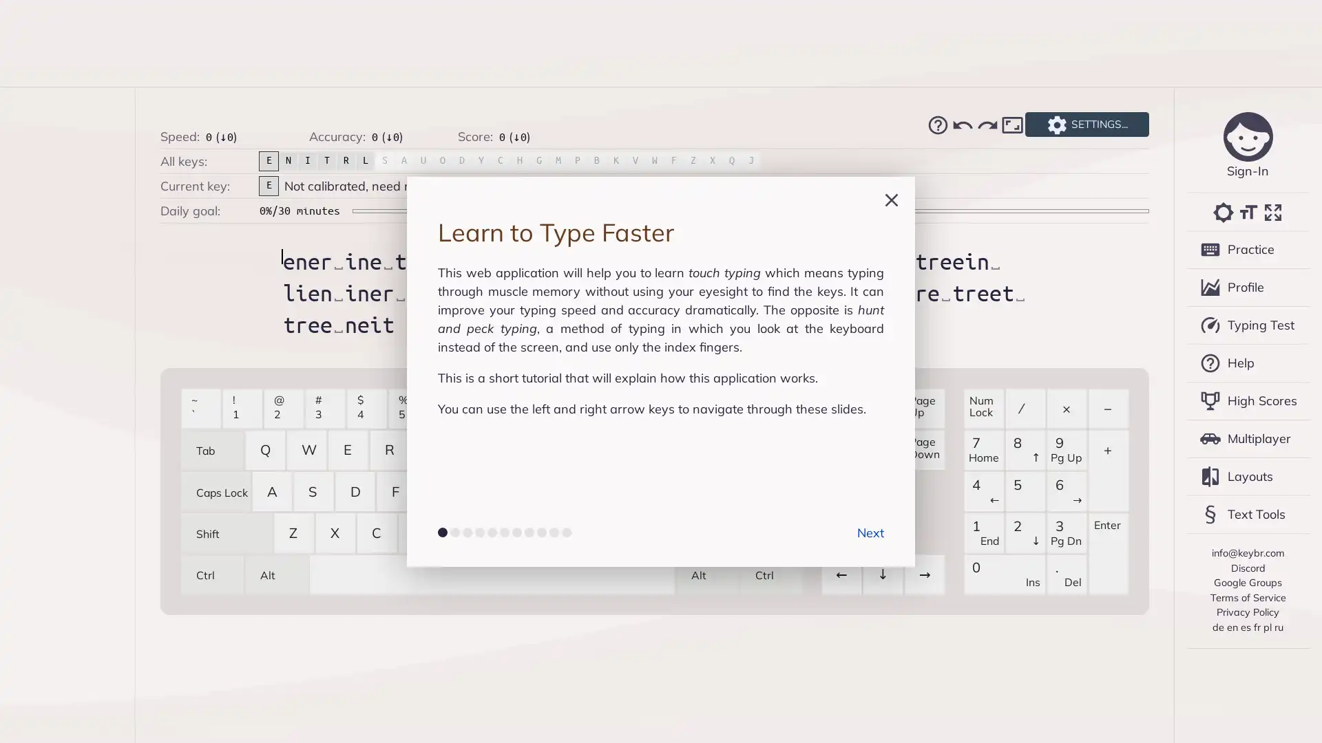 The height and width of the screenshot is (743, 1322). I want to click on SETTINGS..., so click(1086, 125).